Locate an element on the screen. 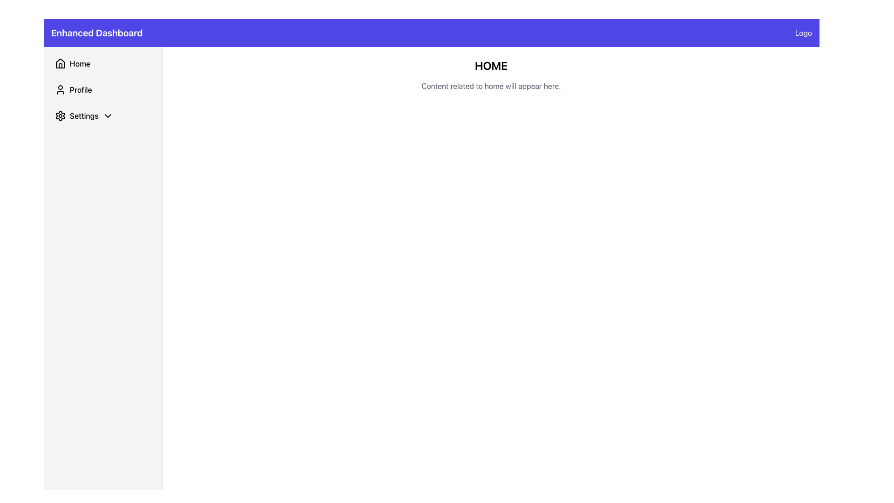  the 'Home' navigation option in the left-side navigation bar, which is represented by a text label next to the house-shaped icon is located at coordinates (80, 63).